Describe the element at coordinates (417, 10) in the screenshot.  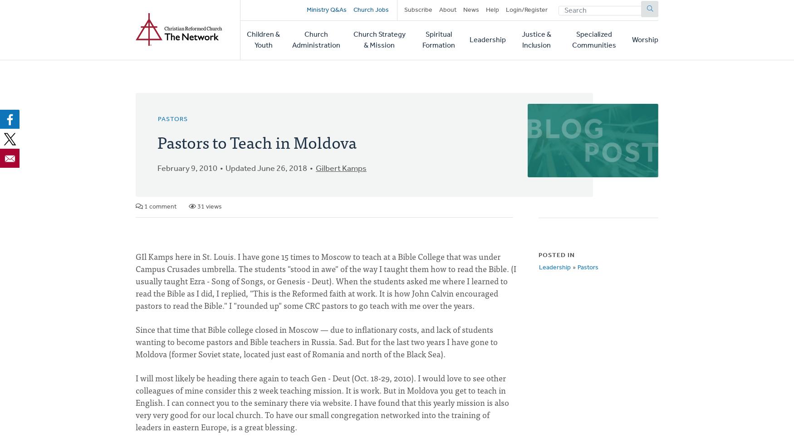
I see `'Subscribe'` at that location.